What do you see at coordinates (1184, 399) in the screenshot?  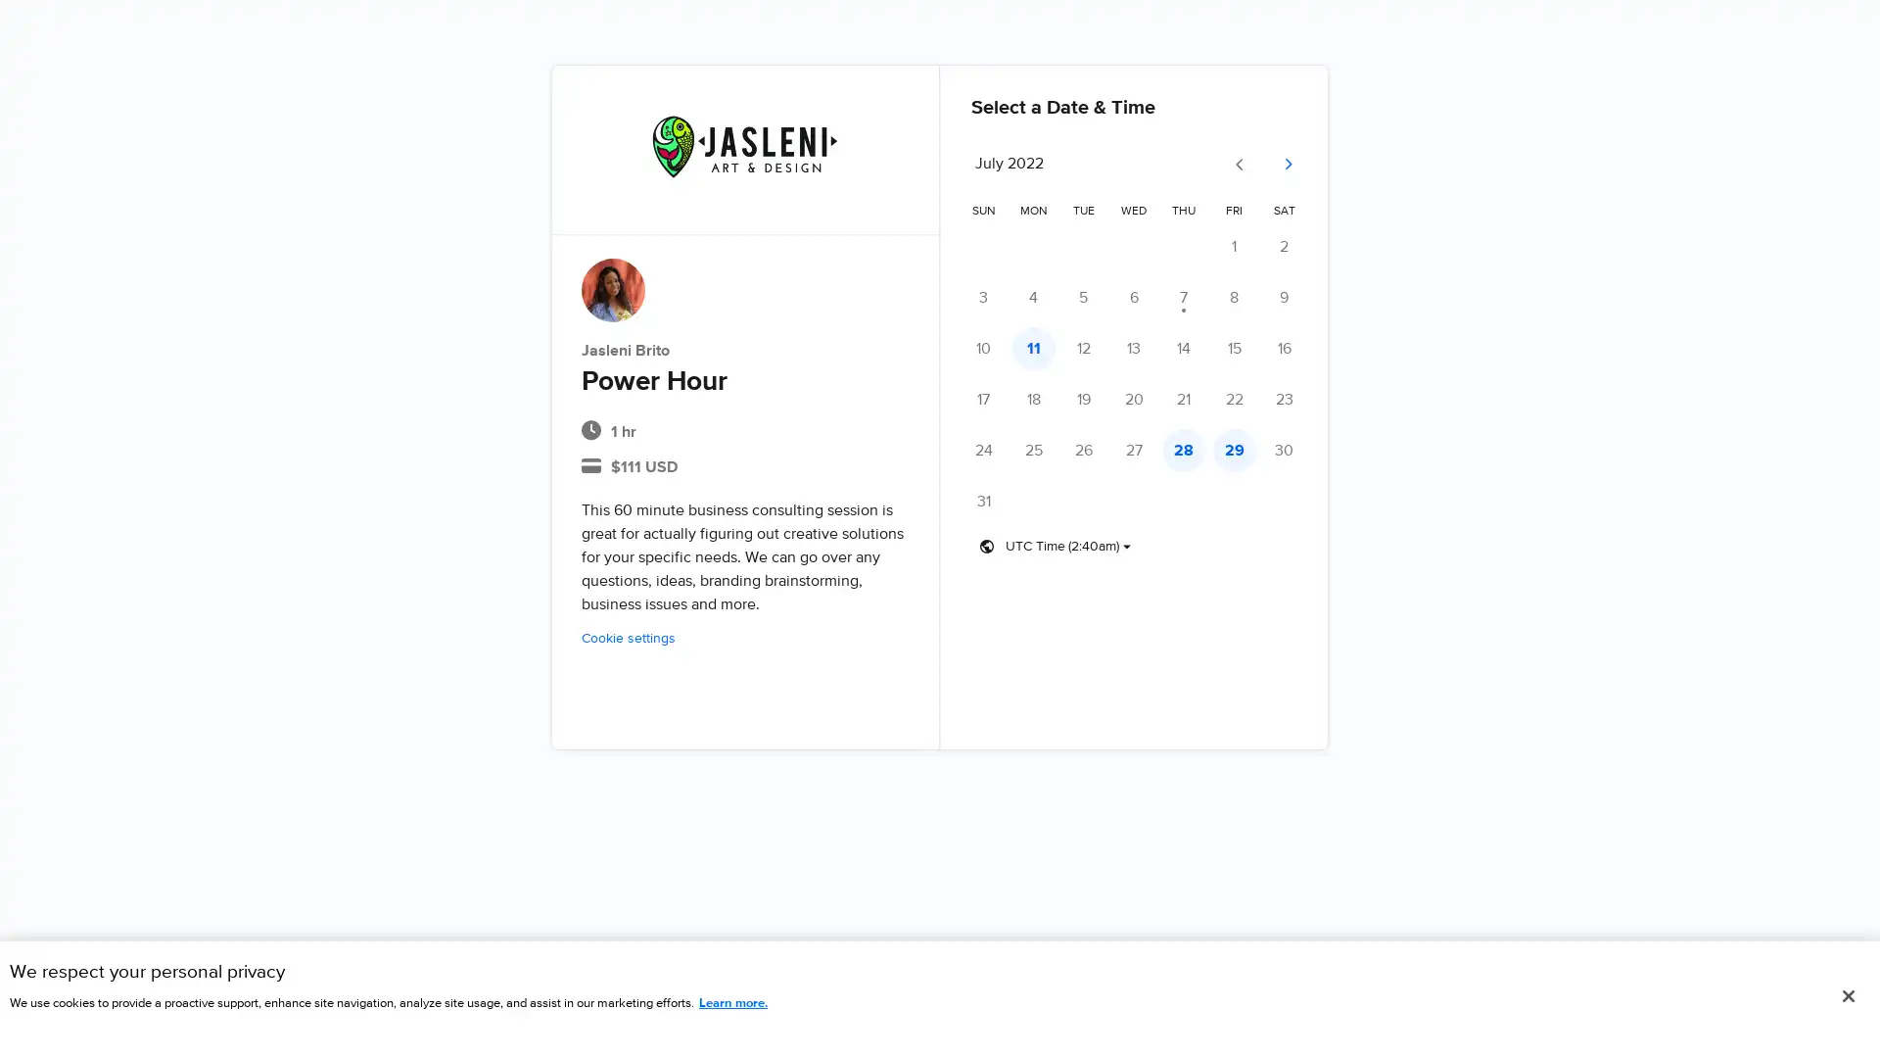 I see `Thursday, July 21 - No times available` at bounding box center [1184, 399].